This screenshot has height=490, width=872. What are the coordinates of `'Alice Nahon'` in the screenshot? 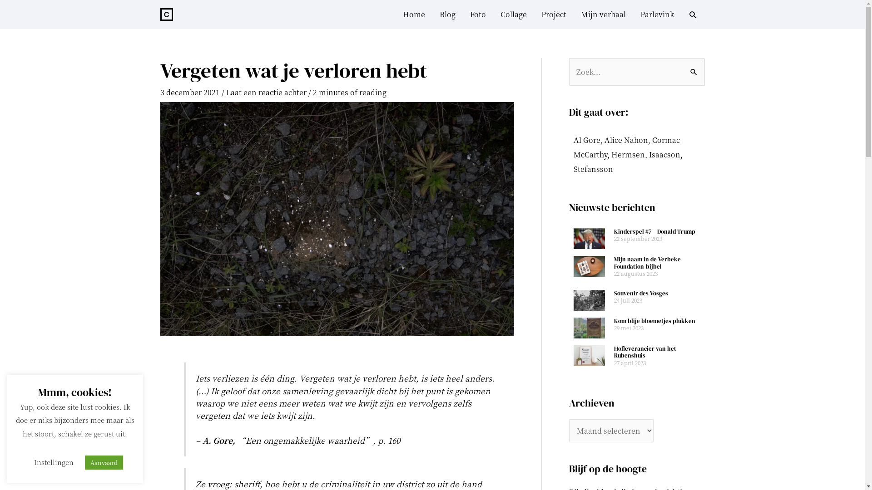 It's located at (625, 140).